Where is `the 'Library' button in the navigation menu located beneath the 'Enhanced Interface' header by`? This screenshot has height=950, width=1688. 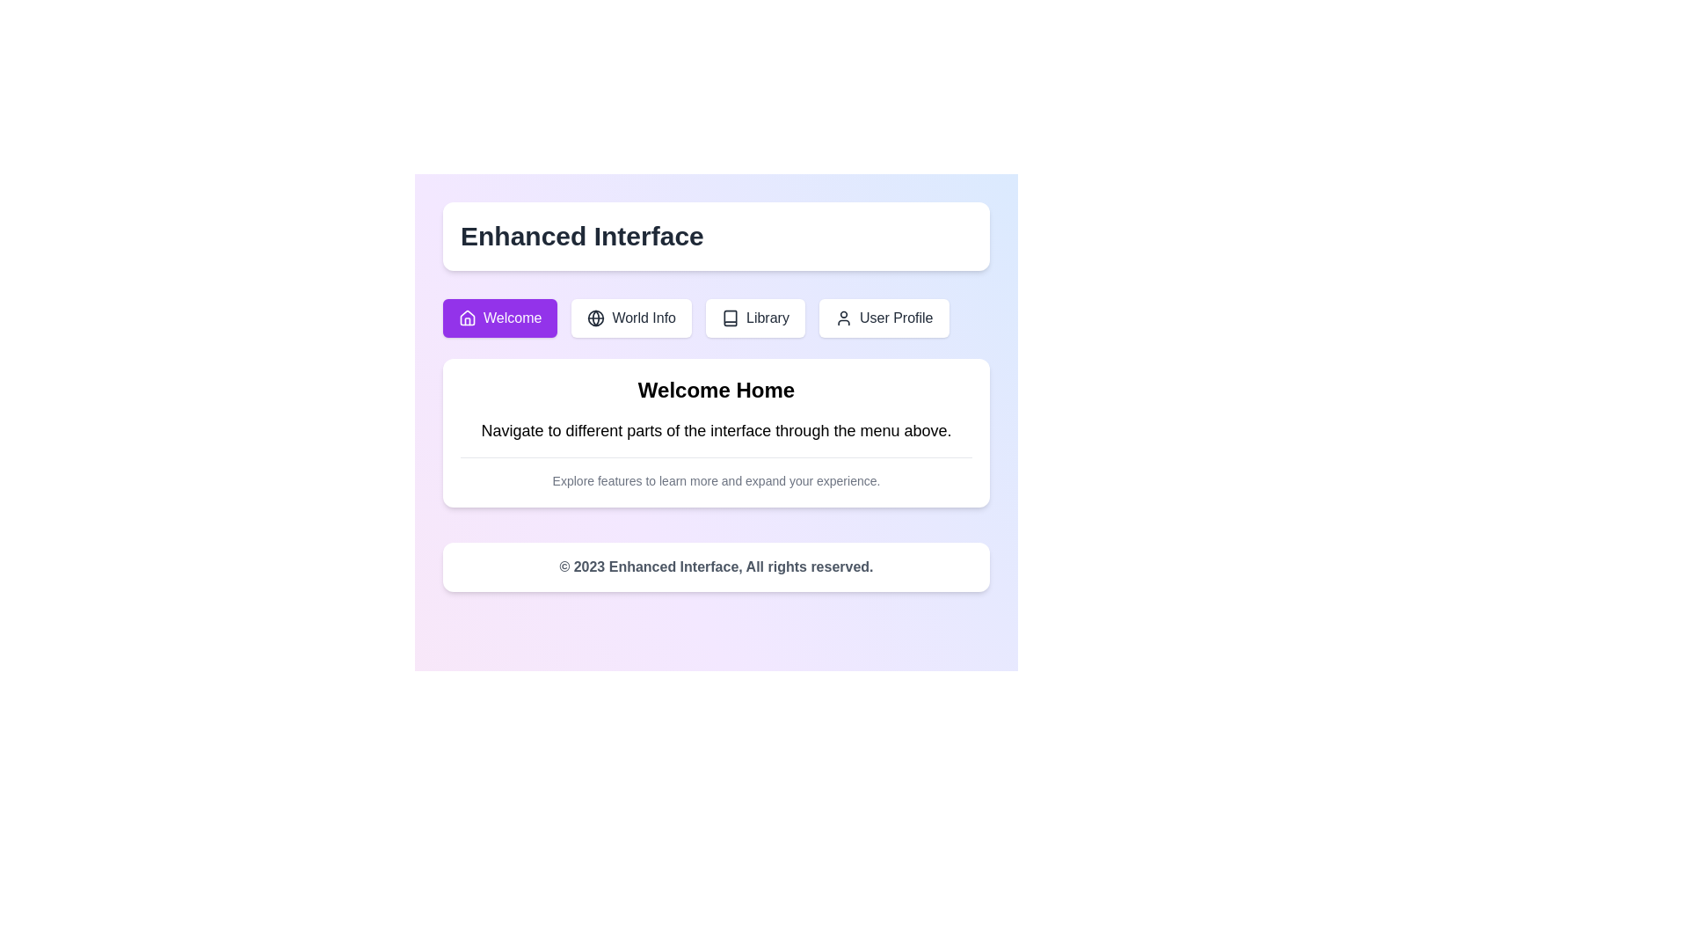
the 'Library' button in the navigation menu located beneath the 'Enhanced Interface' header by is located at coordinates (717, 318).